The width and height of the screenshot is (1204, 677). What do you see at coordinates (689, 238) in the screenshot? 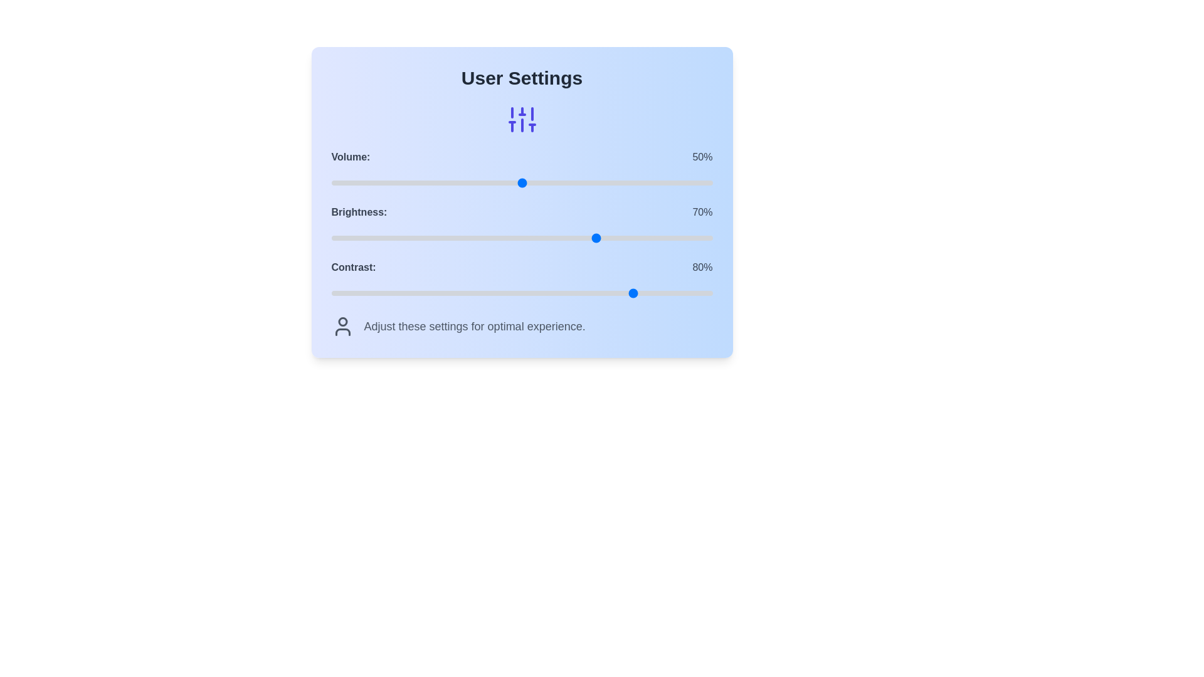
I see `the brightness level` at bounding box center [689, 238].